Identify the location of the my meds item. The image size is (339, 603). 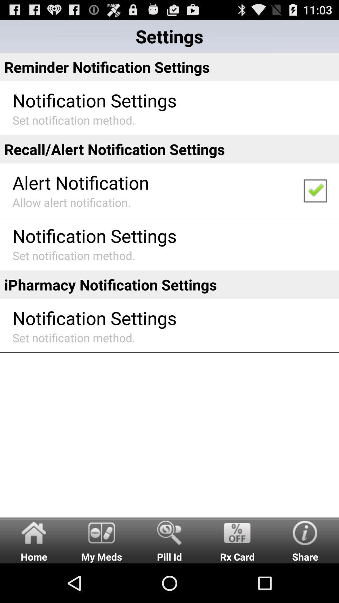
(101, 540).